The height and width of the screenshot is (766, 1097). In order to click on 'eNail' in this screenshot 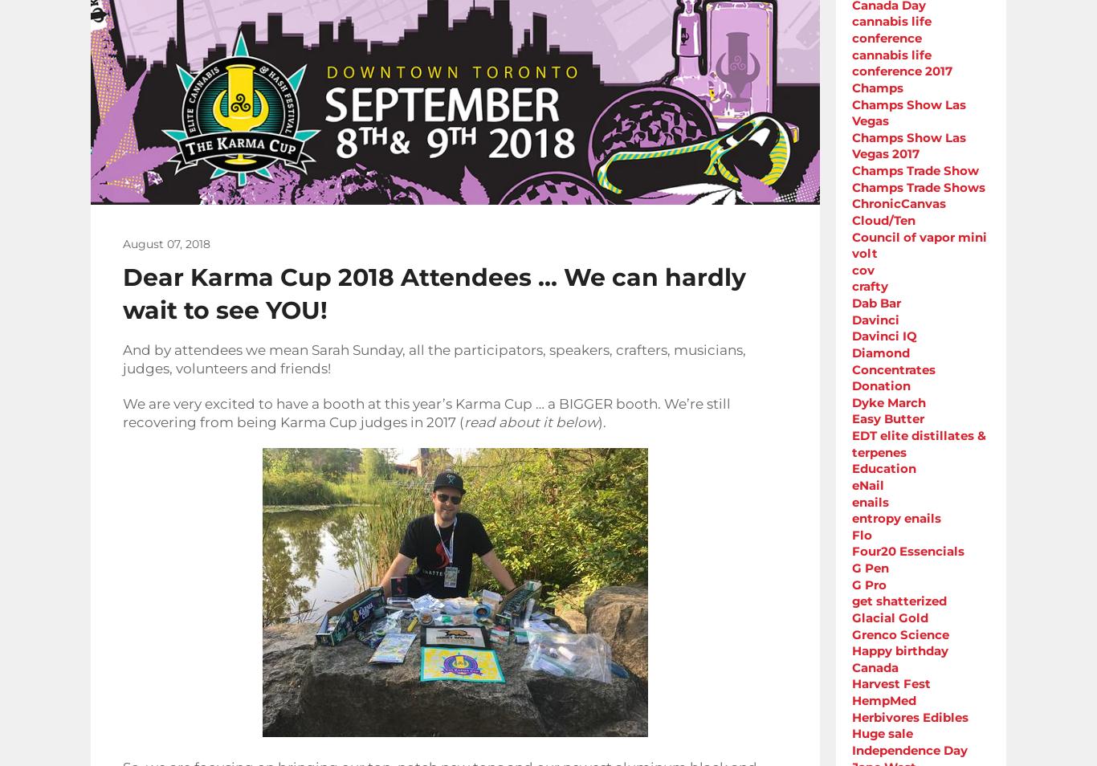, I will do `click(867, 483)`.